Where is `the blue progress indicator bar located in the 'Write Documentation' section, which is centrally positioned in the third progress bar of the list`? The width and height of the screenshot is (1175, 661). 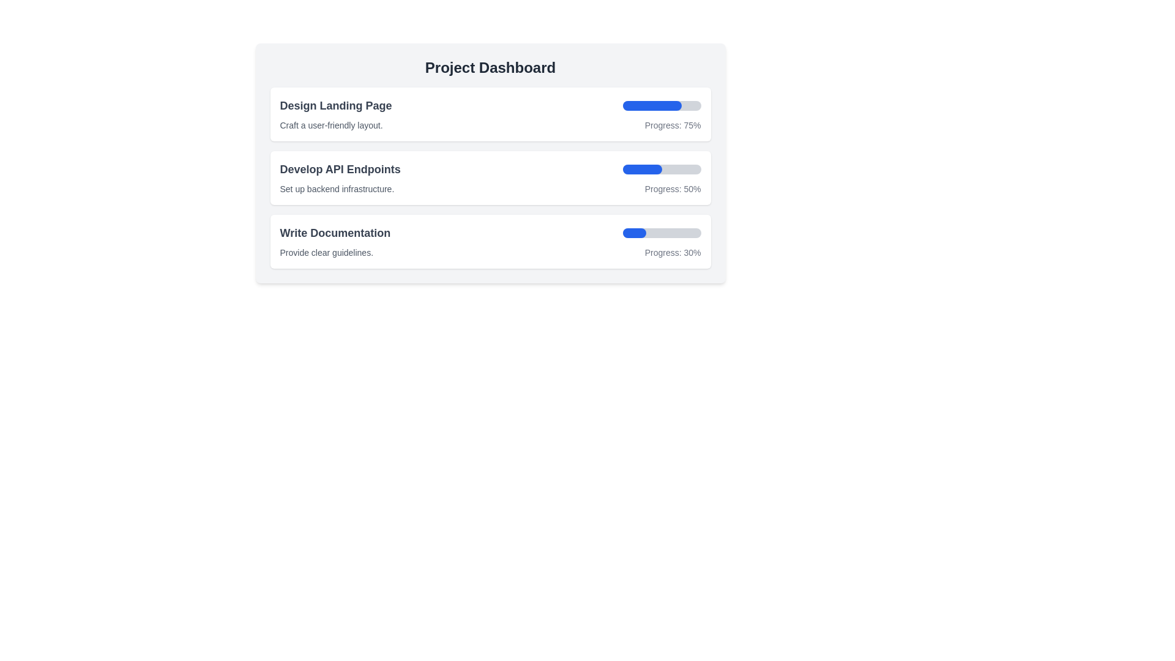 the blue progress indicator bar located in the 'Write Documentation' section, which is centrally positioned in the third progress bar of the list is located at coordinates (634, 233).